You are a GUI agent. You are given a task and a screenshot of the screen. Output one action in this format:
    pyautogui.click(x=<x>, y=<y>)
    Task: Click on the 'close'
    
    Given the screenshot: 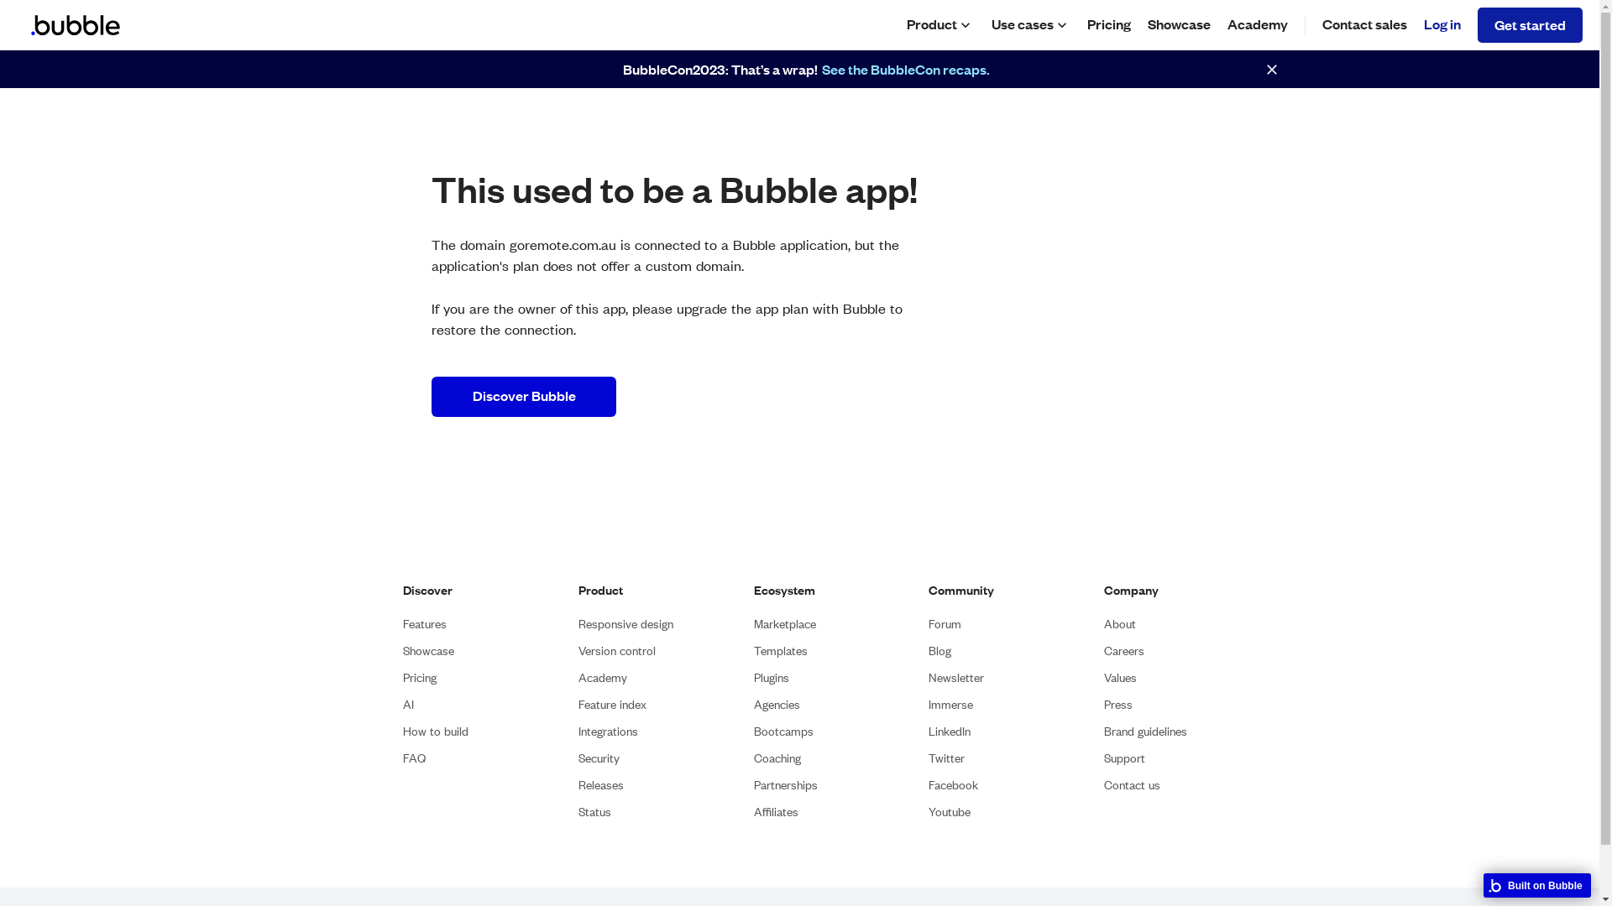 What is the action you would take?
    pyautogui.click(x=1272, y=69)
    